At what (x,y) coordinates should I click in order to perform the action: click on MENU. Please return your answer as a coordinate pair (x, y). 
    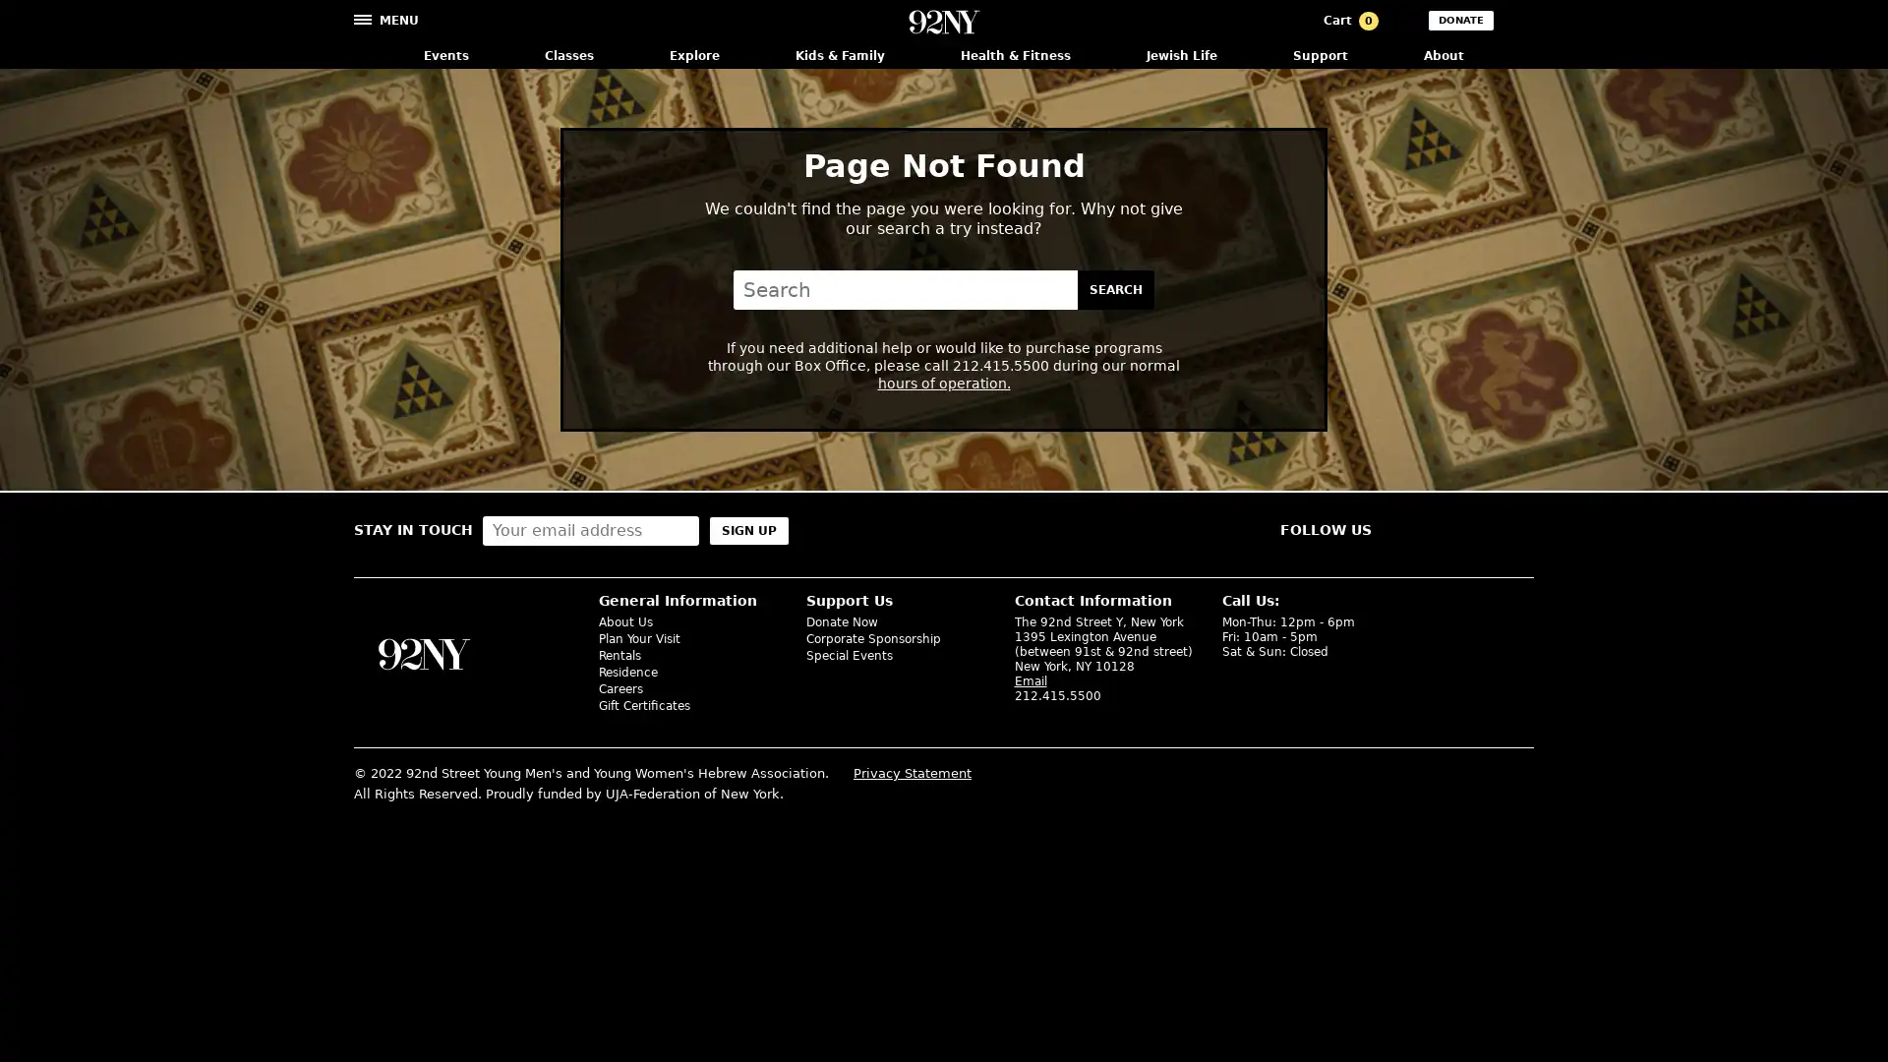
    Looking at the image, I should click on (387, 19).